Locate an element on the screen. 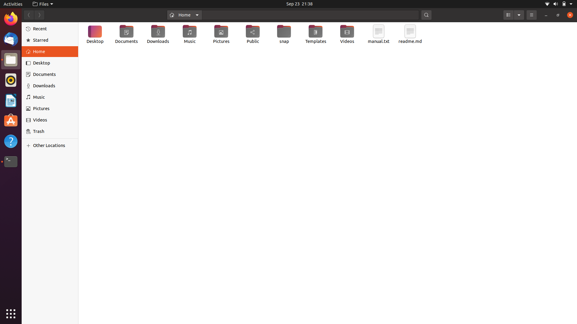 The width and height of the screenshot is (577, 324). Search for a text document called "helloworld.txt" in your main directory is located at coordinates (311, 14).